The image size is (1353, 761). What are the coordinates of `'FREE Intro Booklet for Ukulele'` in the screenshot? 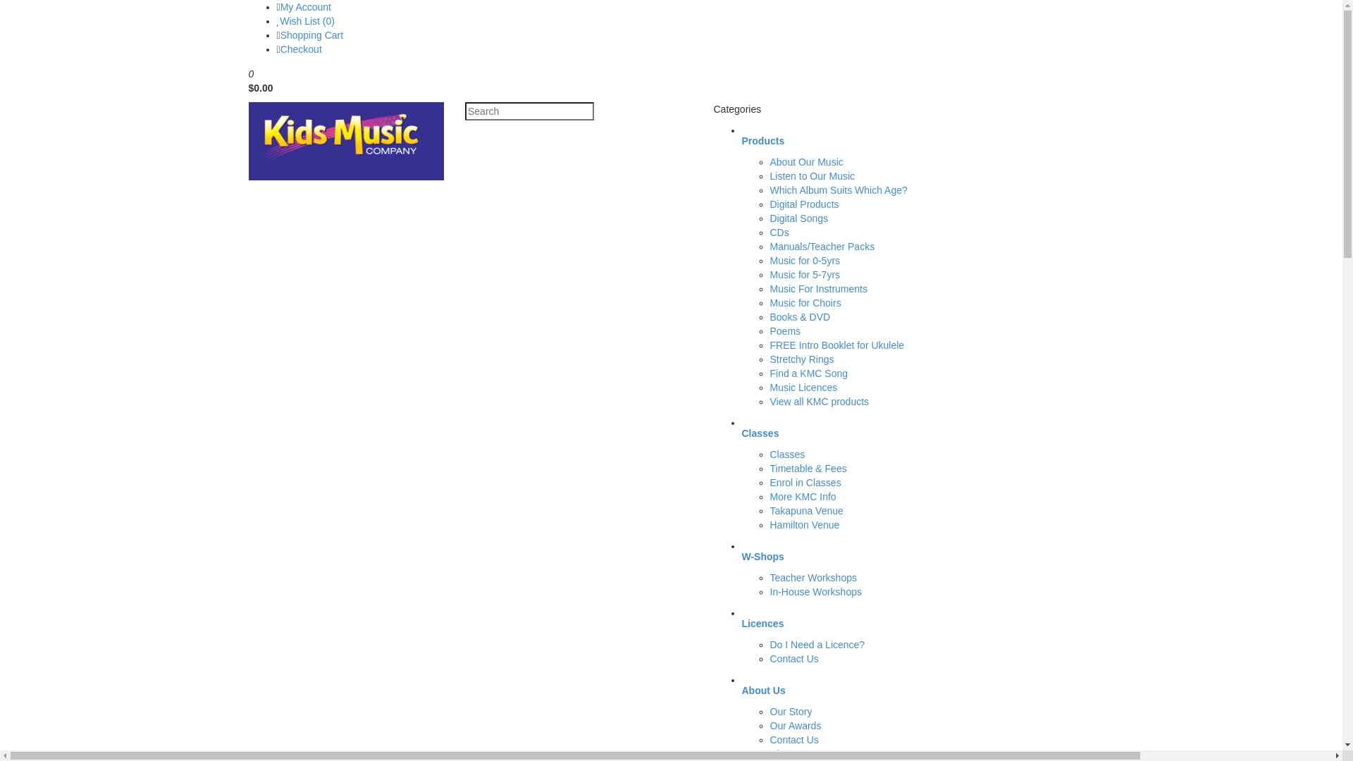 It's located at (836, 345).